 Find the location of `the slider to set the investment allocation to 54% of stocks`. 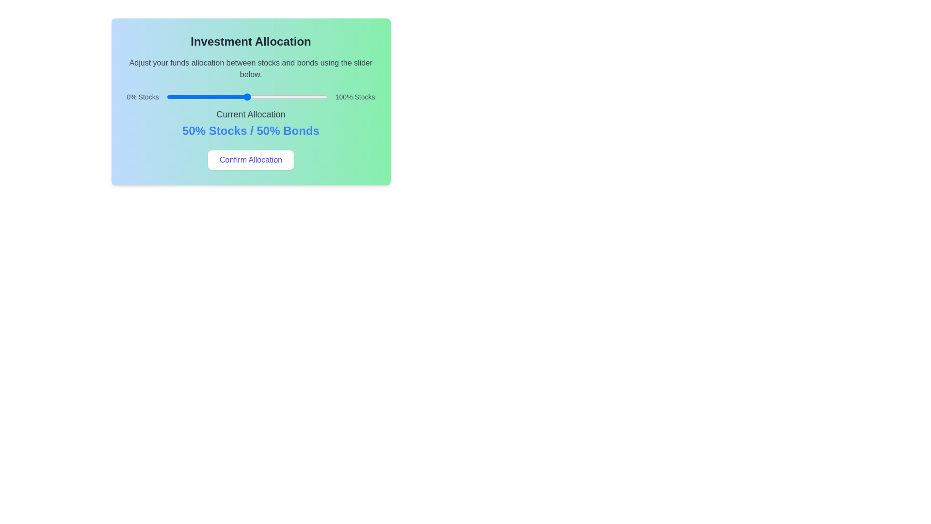

the slider to set the investment allocation to 54% of stocks is located at coordinates (254, 97).